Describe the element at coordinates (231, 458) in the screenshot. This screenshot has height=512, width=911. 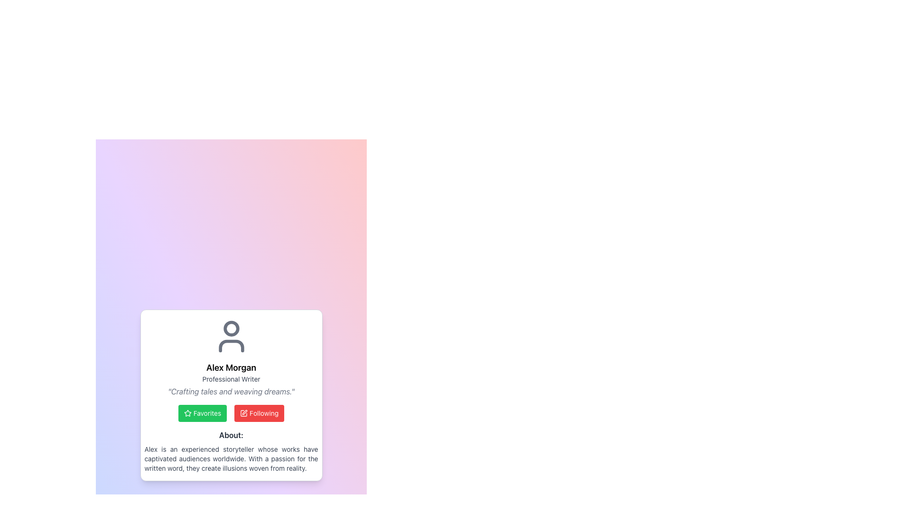
I see `paragraph of text styled in gray color that describes Alex's storytelling expertise and passion for writing, located below the 'About:' header` at that location.